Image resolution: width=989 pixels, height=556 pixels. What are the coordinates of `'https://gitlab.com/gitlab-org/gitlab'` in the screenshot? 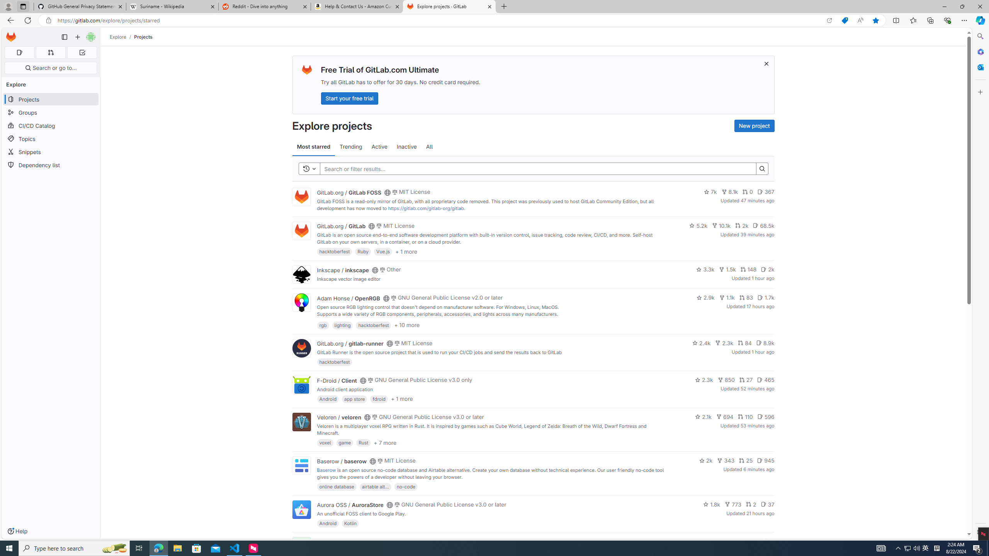 It's located at (425, 208).